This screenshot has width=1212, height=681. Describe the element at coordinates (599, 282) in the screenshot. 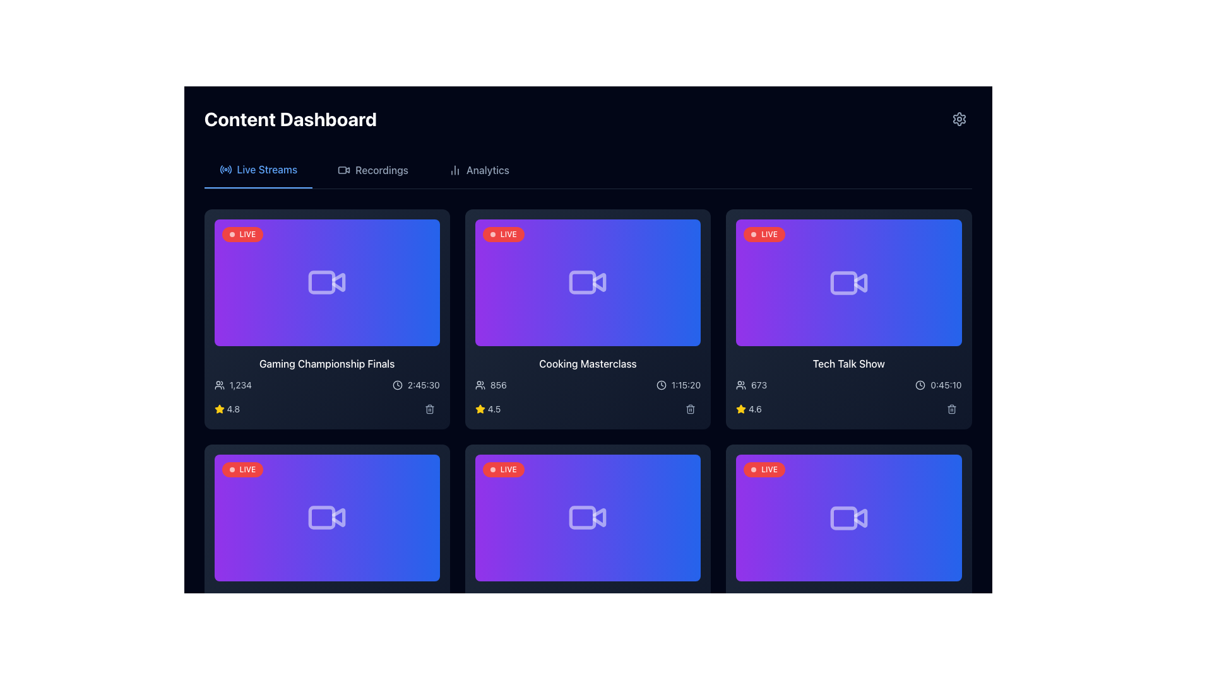

I see `the video camera icon located in the center-right area of the 'Cooking Masterclass' content tile on the dashboard` at that location.